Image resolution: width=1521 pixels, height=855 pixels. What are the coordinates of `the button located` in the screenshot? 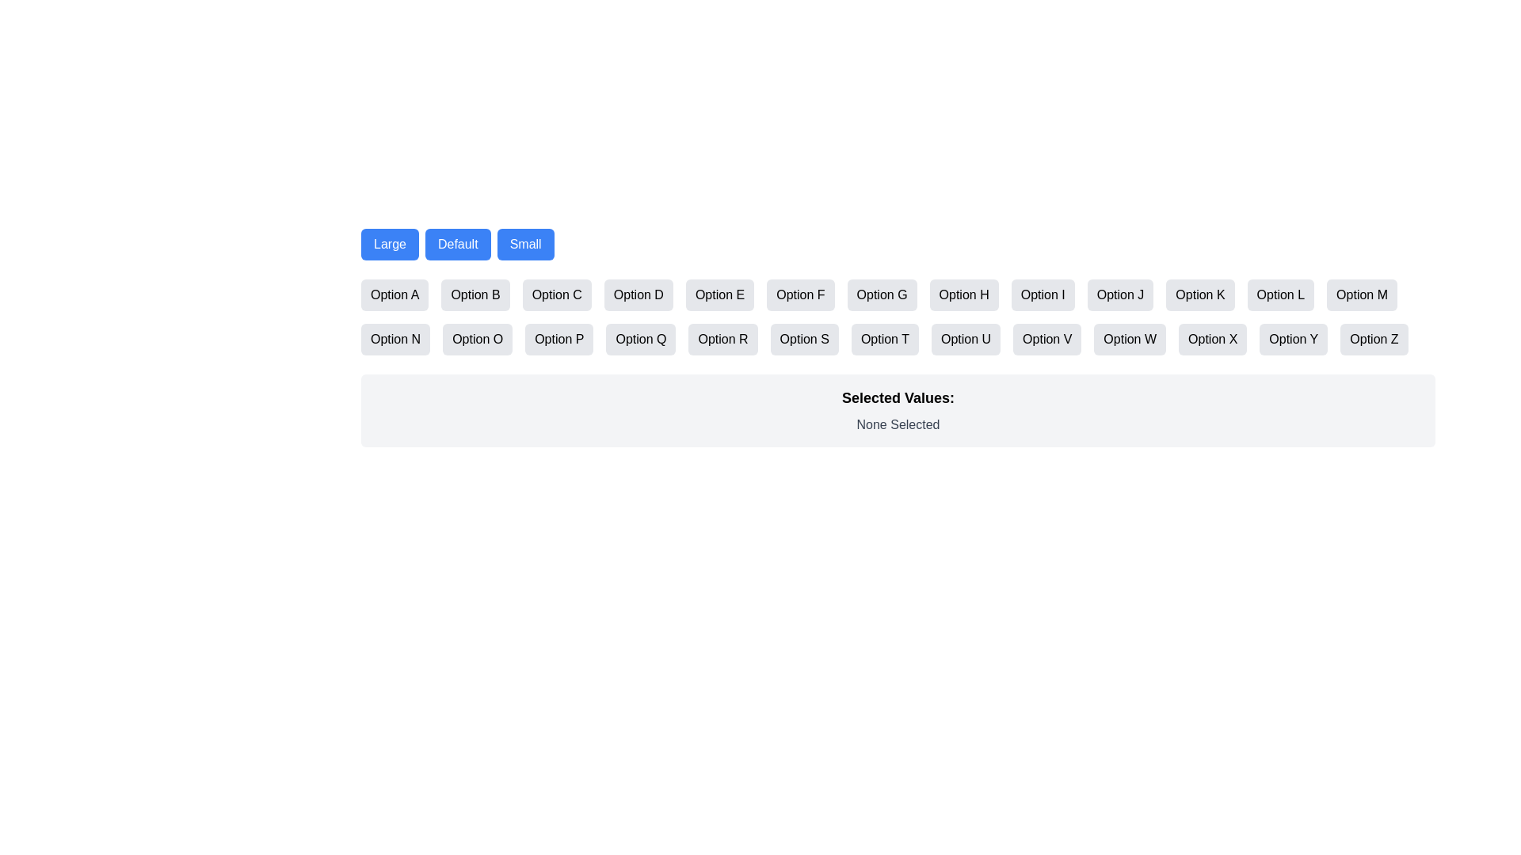 It's located at (804, 338).